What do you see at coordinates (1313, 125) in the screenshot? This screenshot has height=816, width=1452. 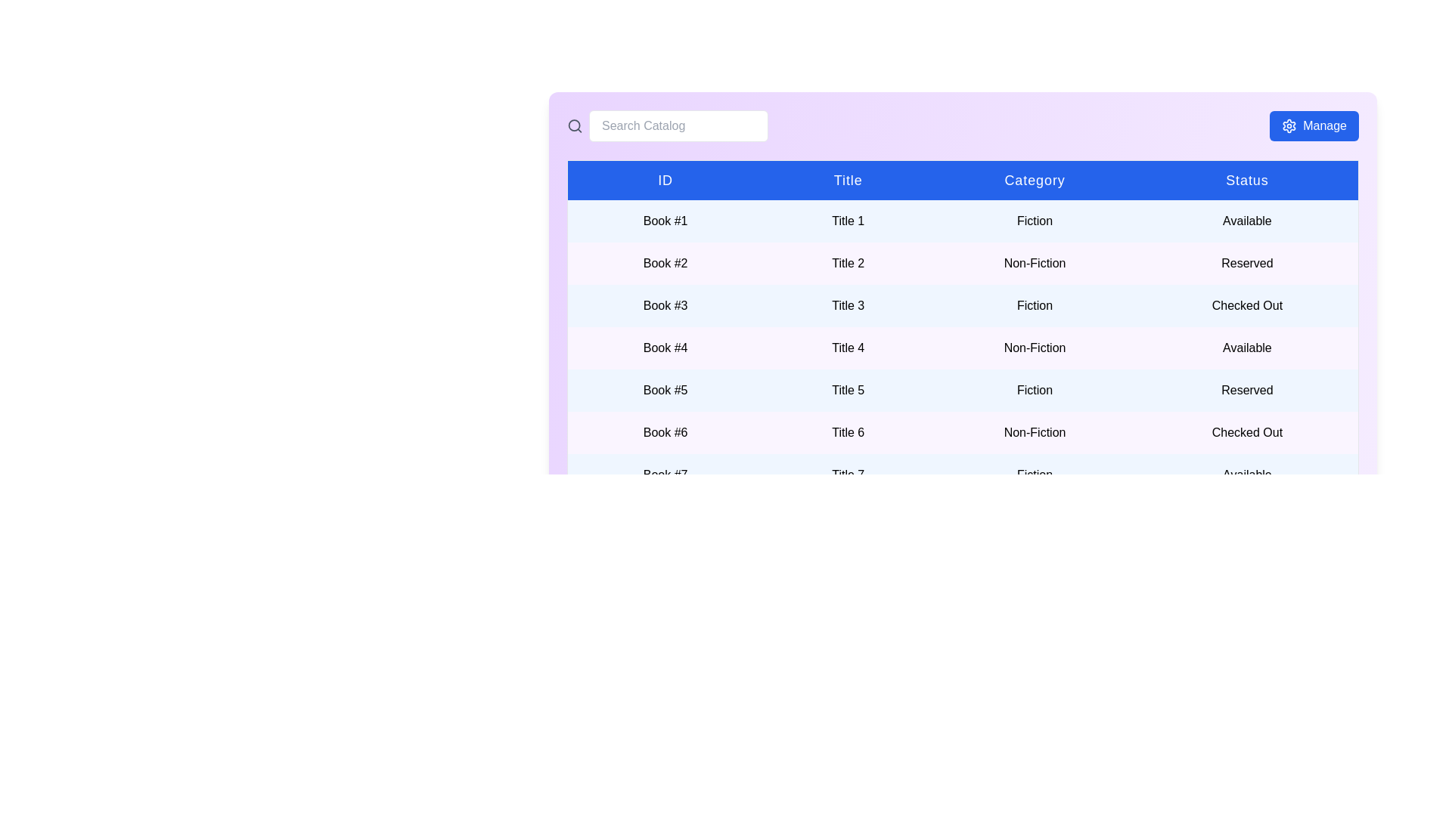 I see `'Manage' button to access additional settings` at bounding box center [1313, 125].